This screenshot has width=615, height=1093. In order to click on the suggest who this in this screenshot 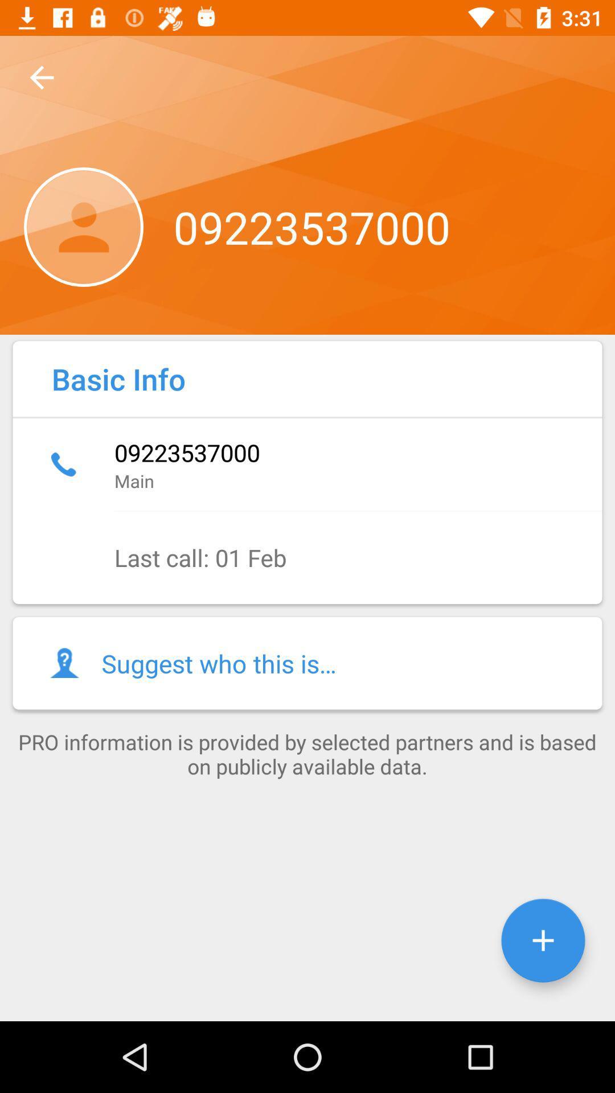, I will do `click(307, 663)`.